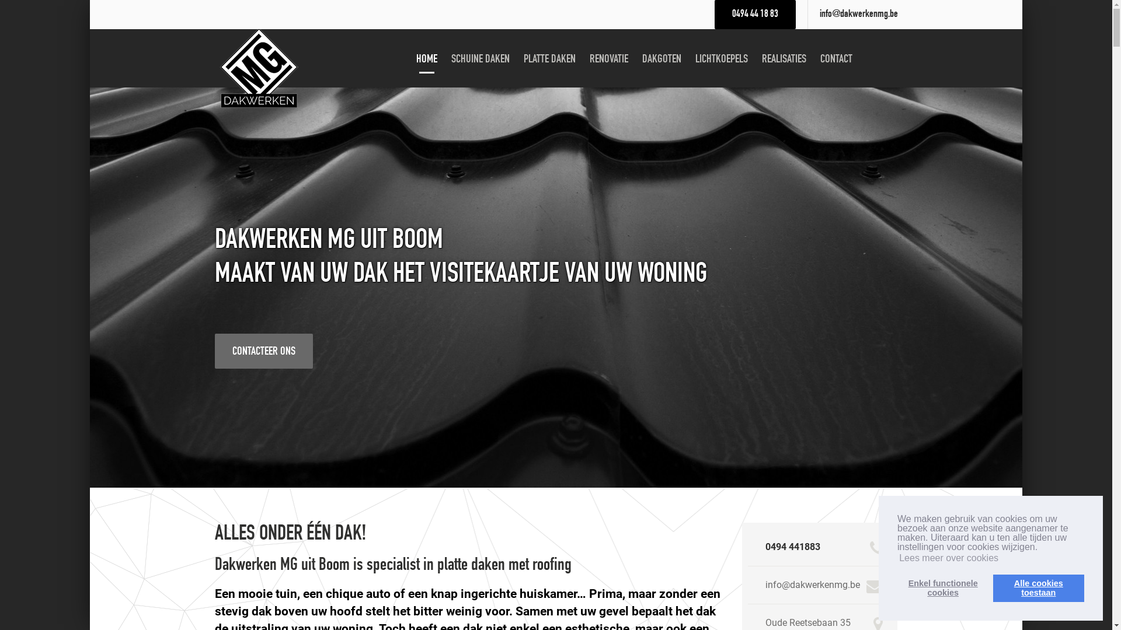  What do you see at coordinates (942, 587) in the screenshot?
I see `'Enkel functionele` at bounding box center [942, 587].